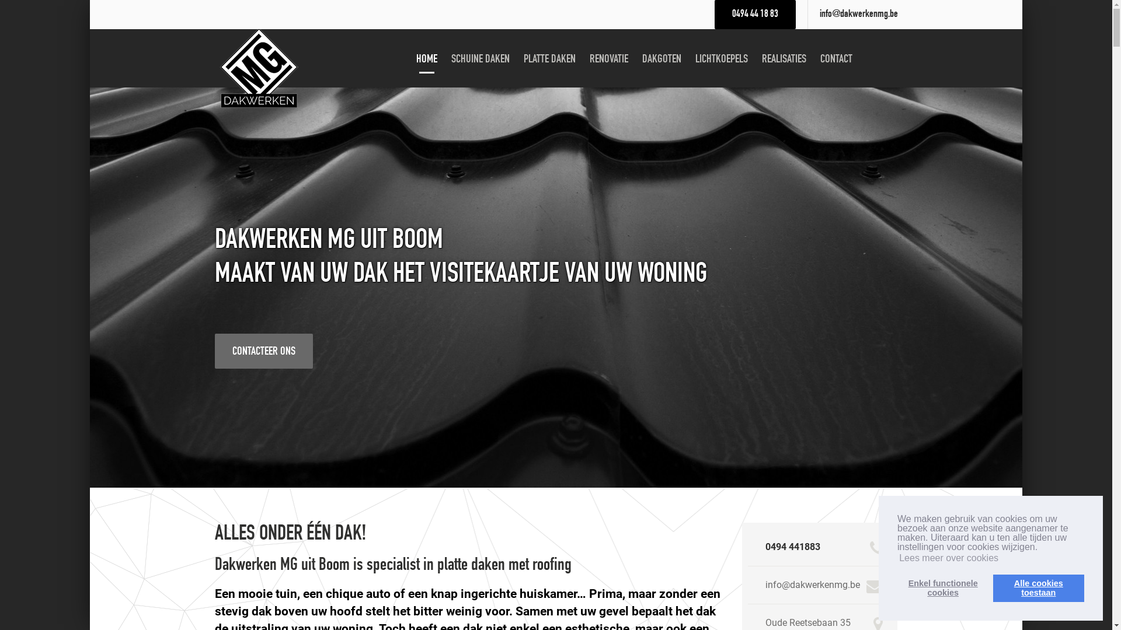  What do you see at coordinates (942, 587) in the screenshot?
I see `'Enkel functionele` at bounding box center [942, 587].